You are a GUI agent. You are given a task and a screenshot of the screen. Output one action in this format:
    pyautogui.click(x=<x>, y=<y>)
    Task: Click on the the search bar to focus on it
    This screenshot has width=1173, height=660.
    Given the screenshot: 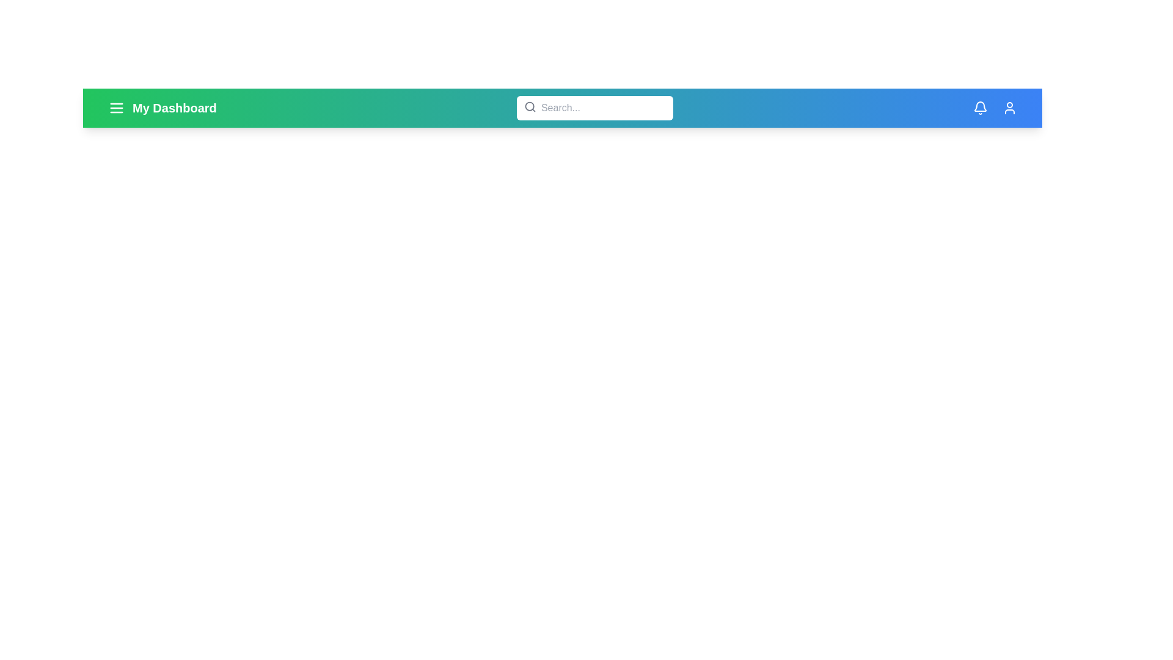 What is the action you would take?
    pyautogui.click(x=594, y=108)
    